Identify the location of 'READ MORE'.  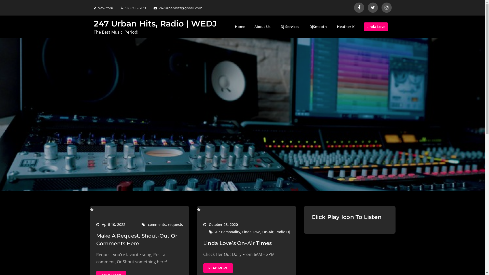
(218, 268).